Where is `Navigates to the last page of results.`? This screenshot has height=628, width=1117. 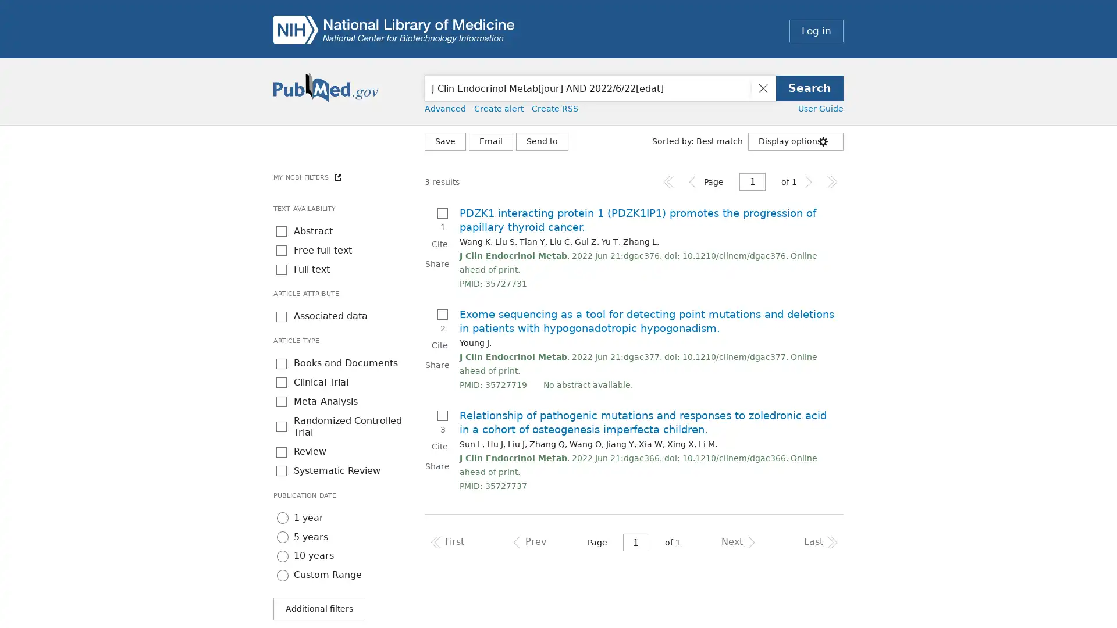
Navigates to the last page of results. is located at coordinates (831, 181).